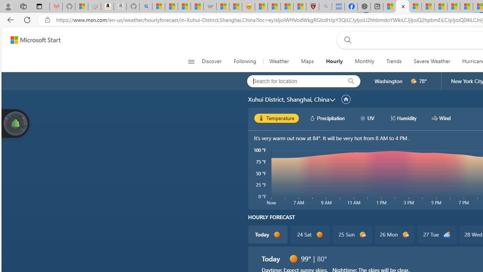 The width and height of the screenshot is (483, 272). Describe the element at coordinates (334, 61) in the screenshot. I see `'Hourly'` at that location.